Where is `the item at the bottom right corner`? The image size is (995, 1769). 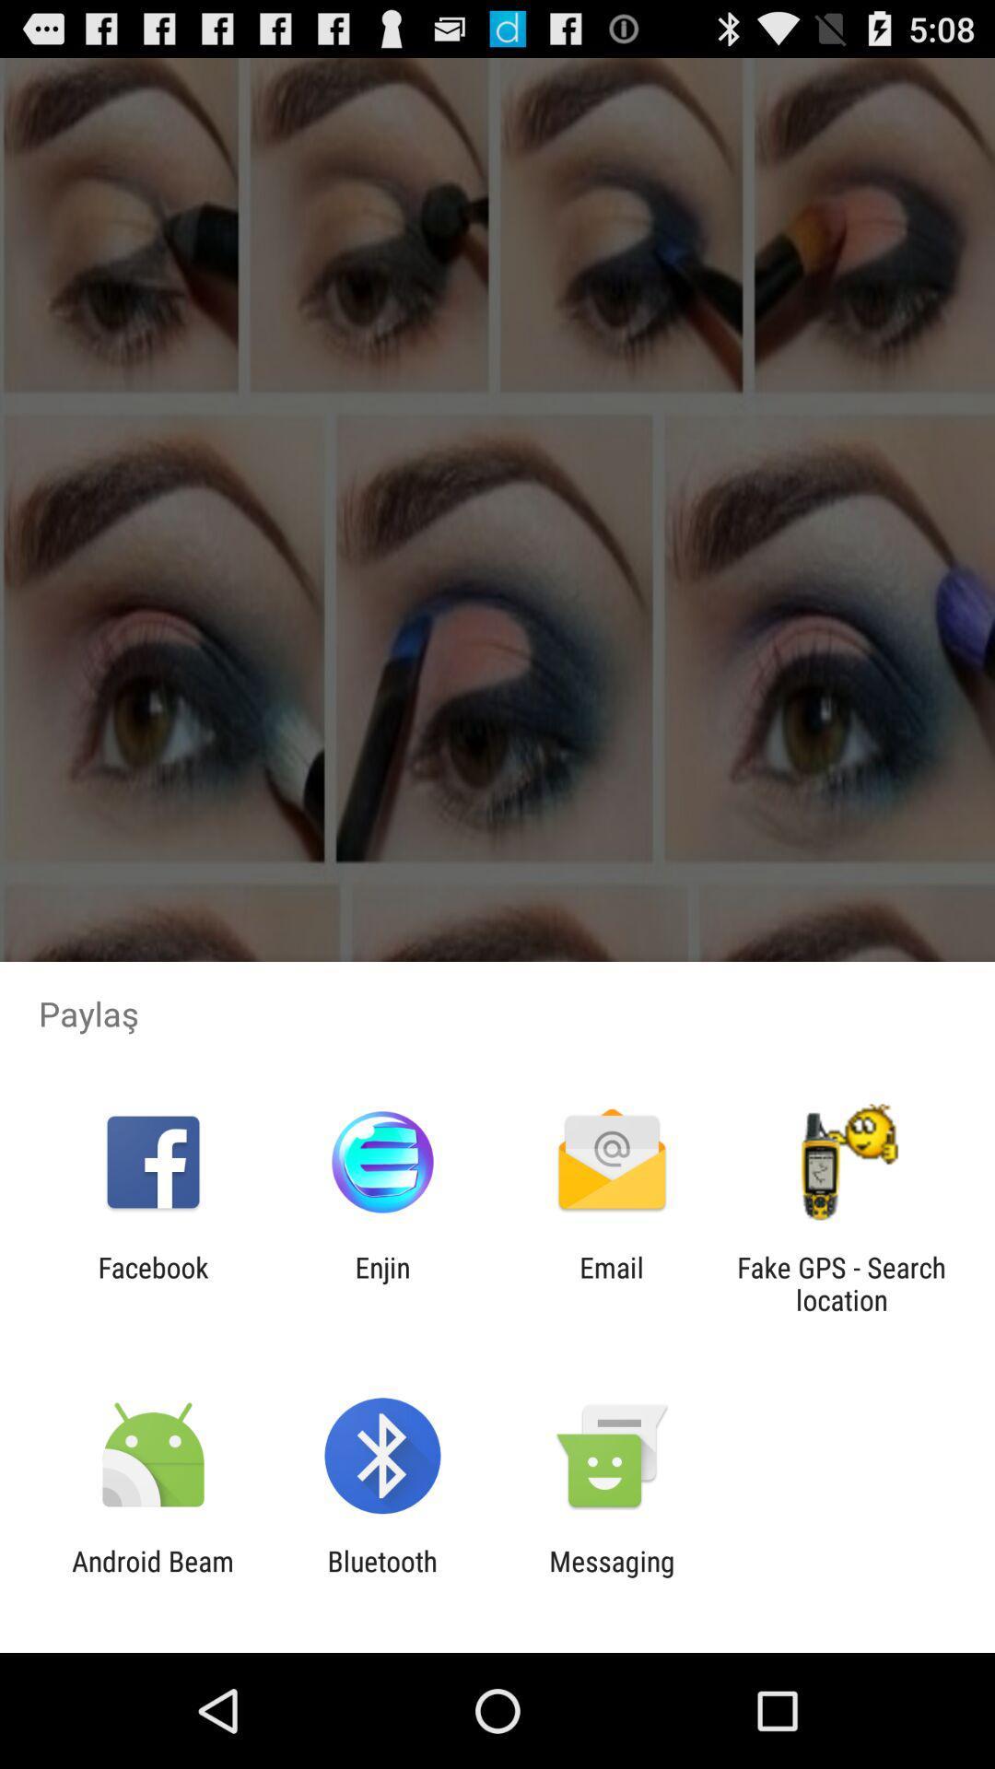 the item at the bottom right corner is located at coordinates (841, 1283).